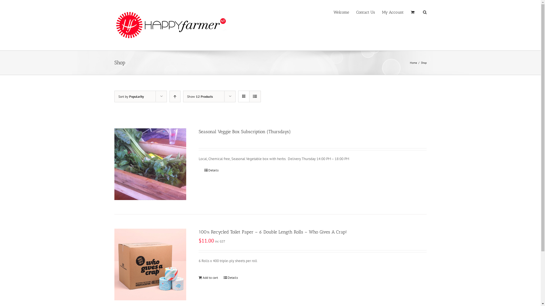 The height and width of the screenshot is (306, 545). What do you see at coordinates (341, 12) in the screenshot?
I see `'Welcome'` at bounding box center [341, 12].